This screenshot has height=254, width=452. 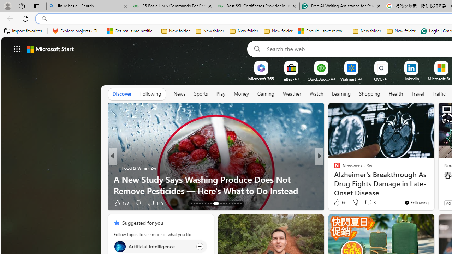 I want to click on 'AutomationID: tab-25', so click(x=229, y=204).